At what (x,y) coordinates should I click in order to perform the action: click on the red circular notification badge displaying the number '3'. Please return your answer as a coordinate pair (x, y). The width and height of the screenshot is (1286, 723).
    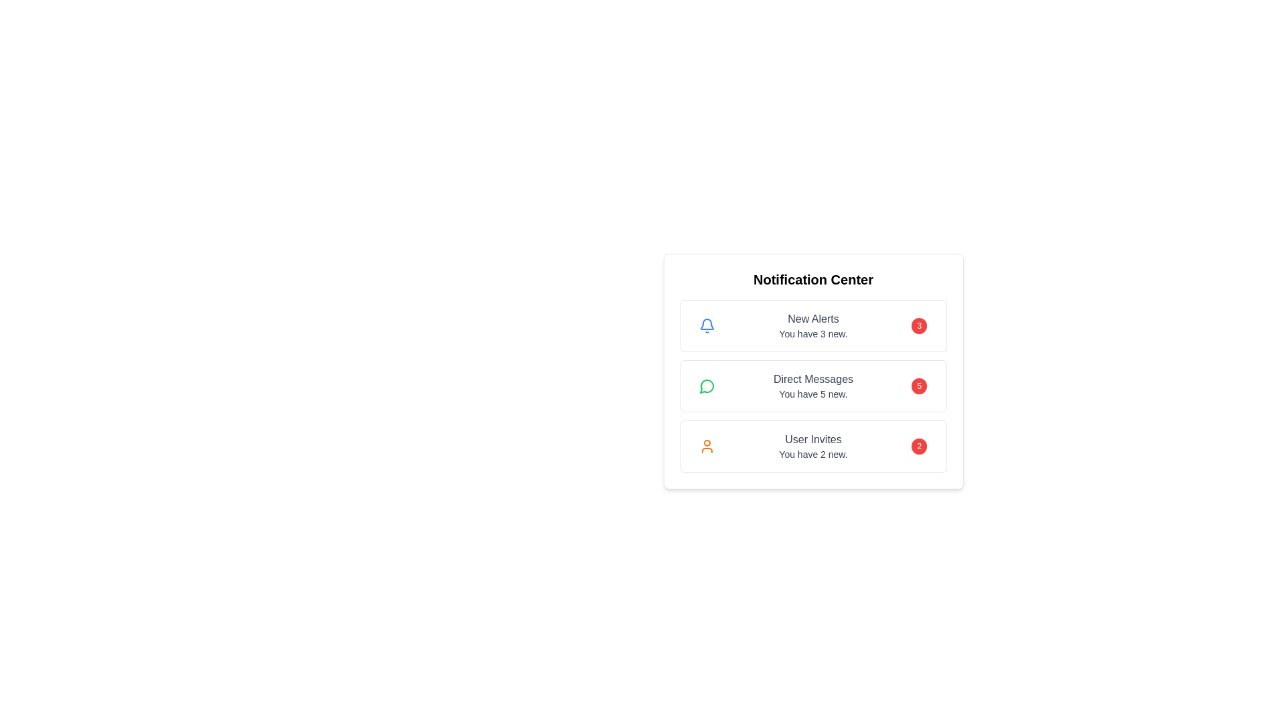
    Looking at the image, I should click on (918, 325).